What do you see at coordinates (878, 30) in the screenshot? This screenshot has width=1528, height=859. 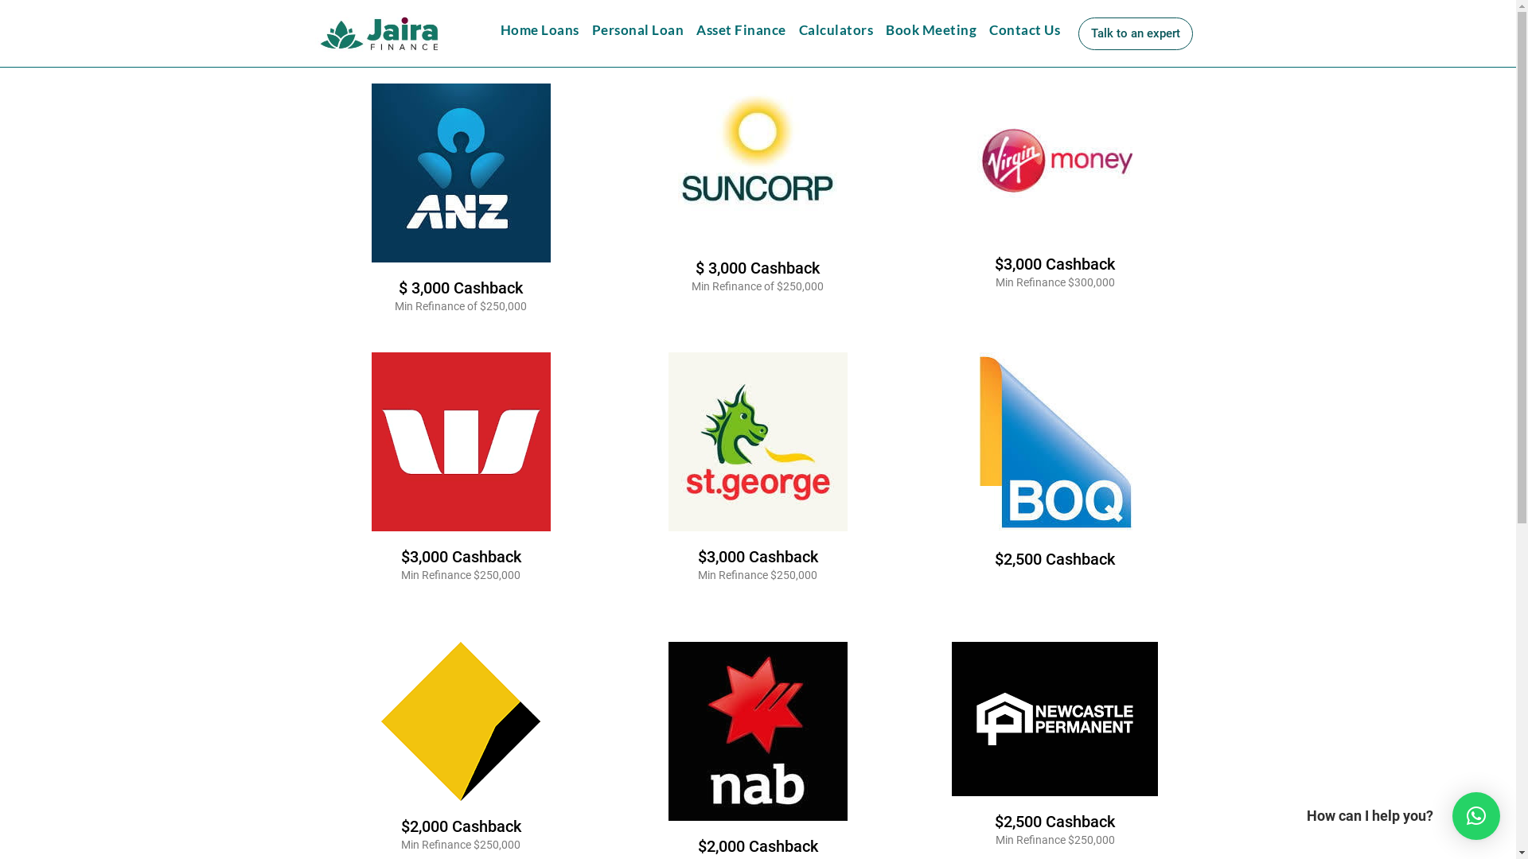 I see `'Book Meeting'` at bounding box center [878, 30].